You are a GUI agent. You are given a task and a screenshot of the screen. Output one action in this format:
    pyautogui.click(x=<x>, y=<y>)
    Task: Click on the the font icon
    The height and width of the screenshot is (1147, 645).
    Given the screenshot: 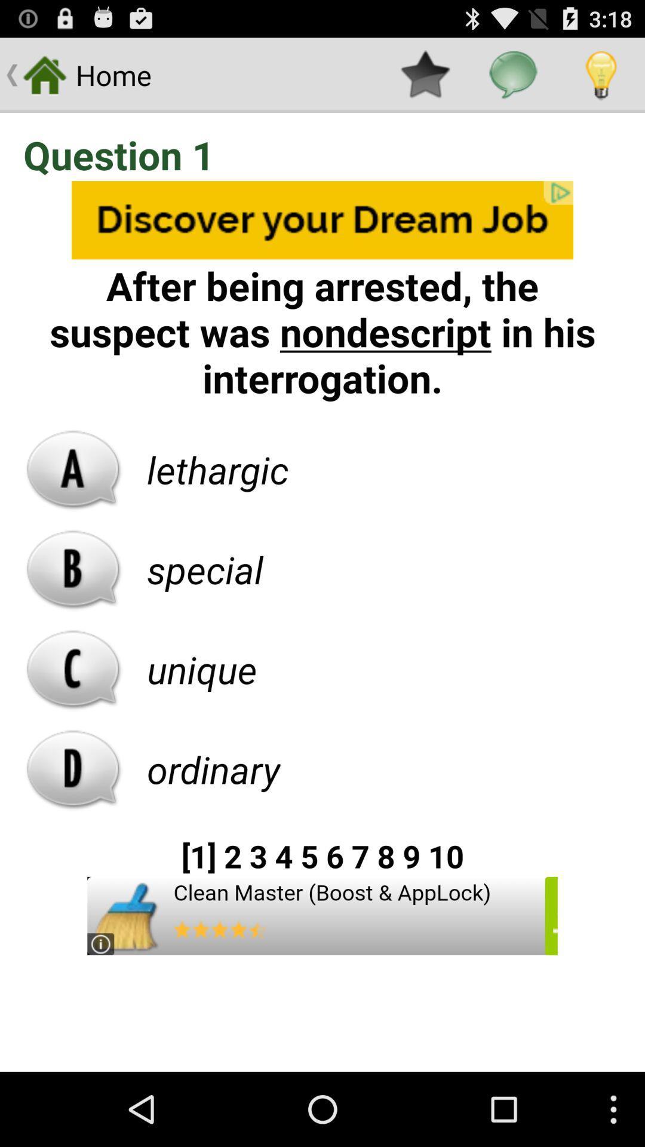 What is the action you would take?
    pyautogui.click(x=73, y=502)
    